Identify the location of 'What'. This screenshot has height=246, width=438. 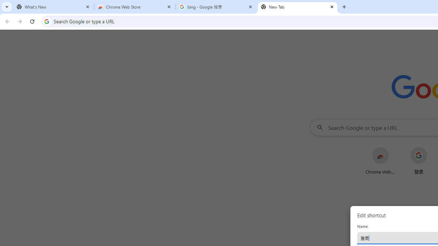
(53, 7).